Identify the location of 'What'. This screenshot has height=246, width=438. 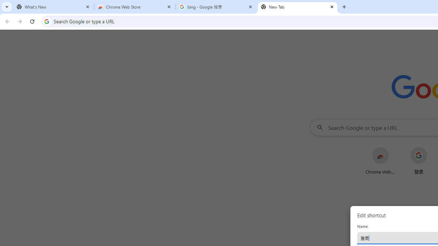
(53, 7).